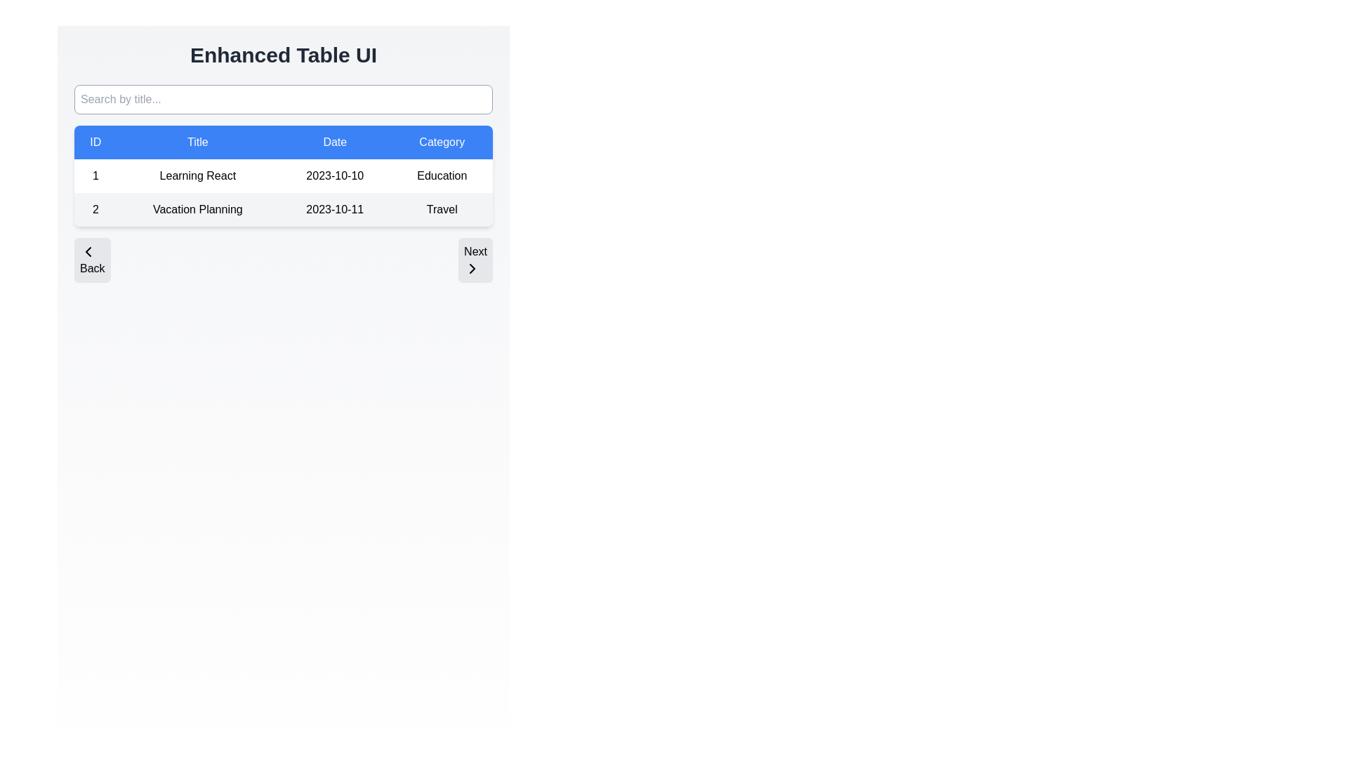  I want to click on the static text element displaying the date '2023-10-11', so click(334, 210).